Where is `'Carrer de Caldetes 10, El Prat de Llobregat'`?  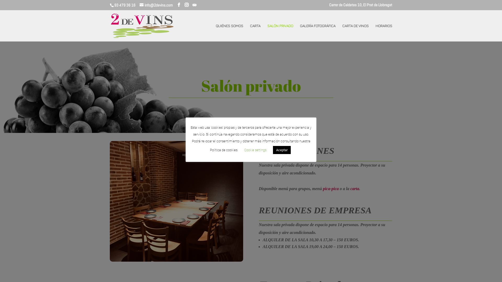
'Carrer de Caldetes 10, El Prat de Llobregat' is located at coordinates (360, 6).